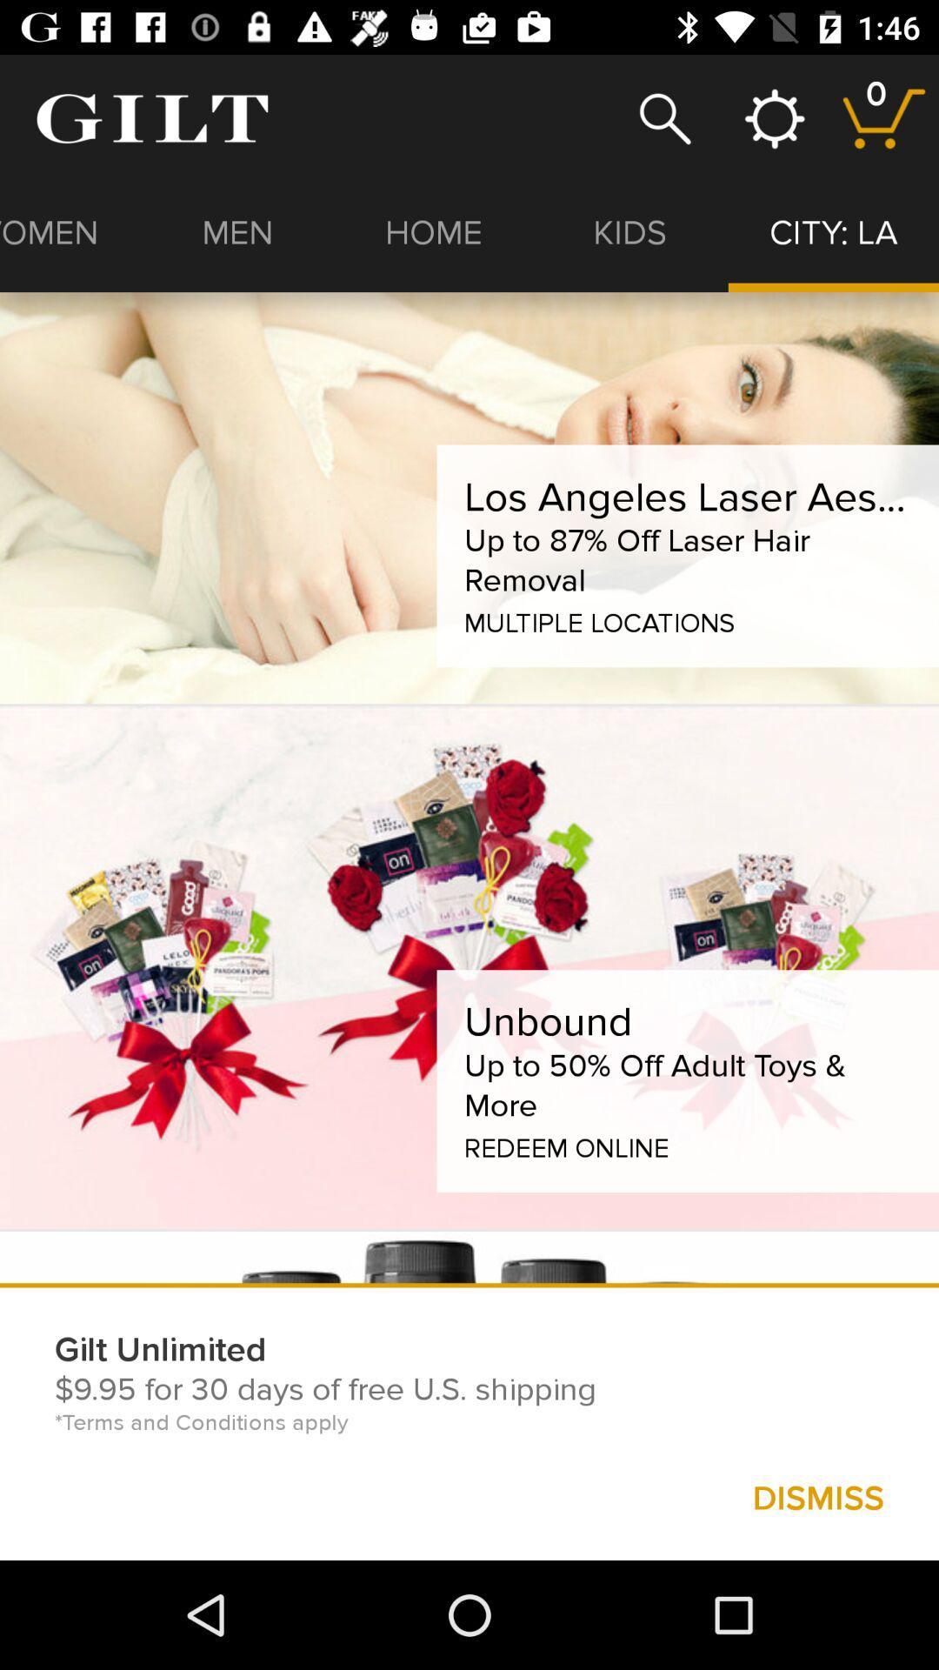  I want to click on the redeem online, so click(566, 1145).